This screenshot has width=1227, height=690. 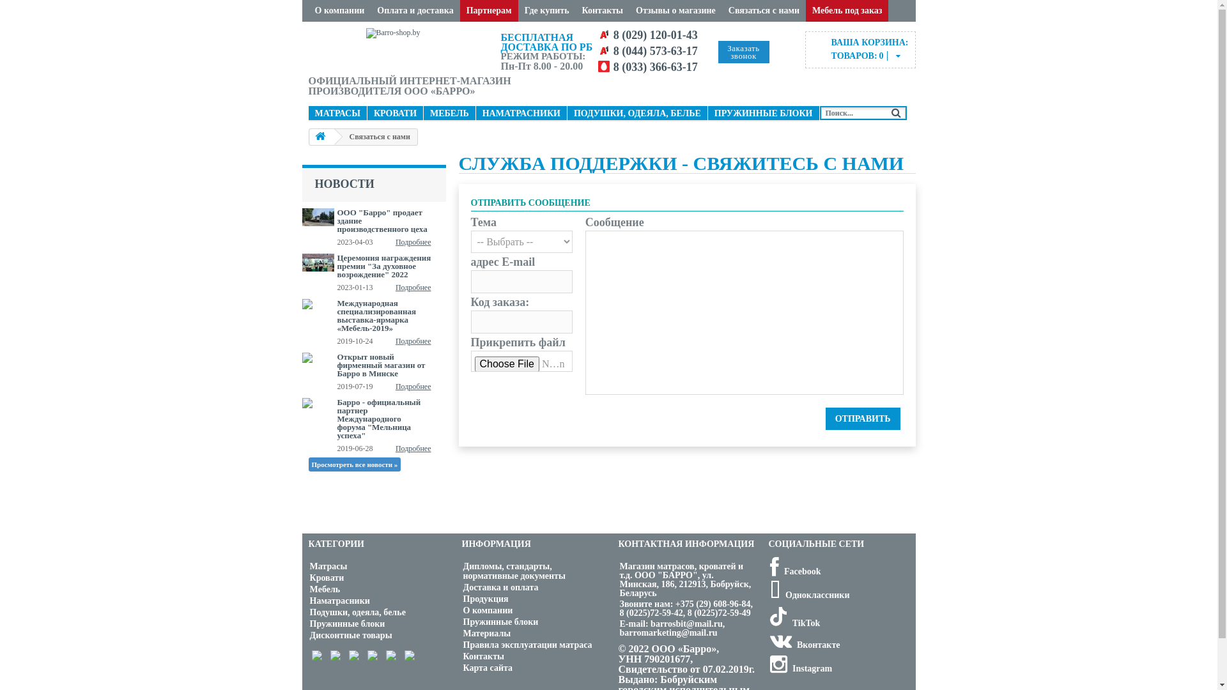 I want to click on '8 (033) 366-63-17', so click(x=613, y=66).